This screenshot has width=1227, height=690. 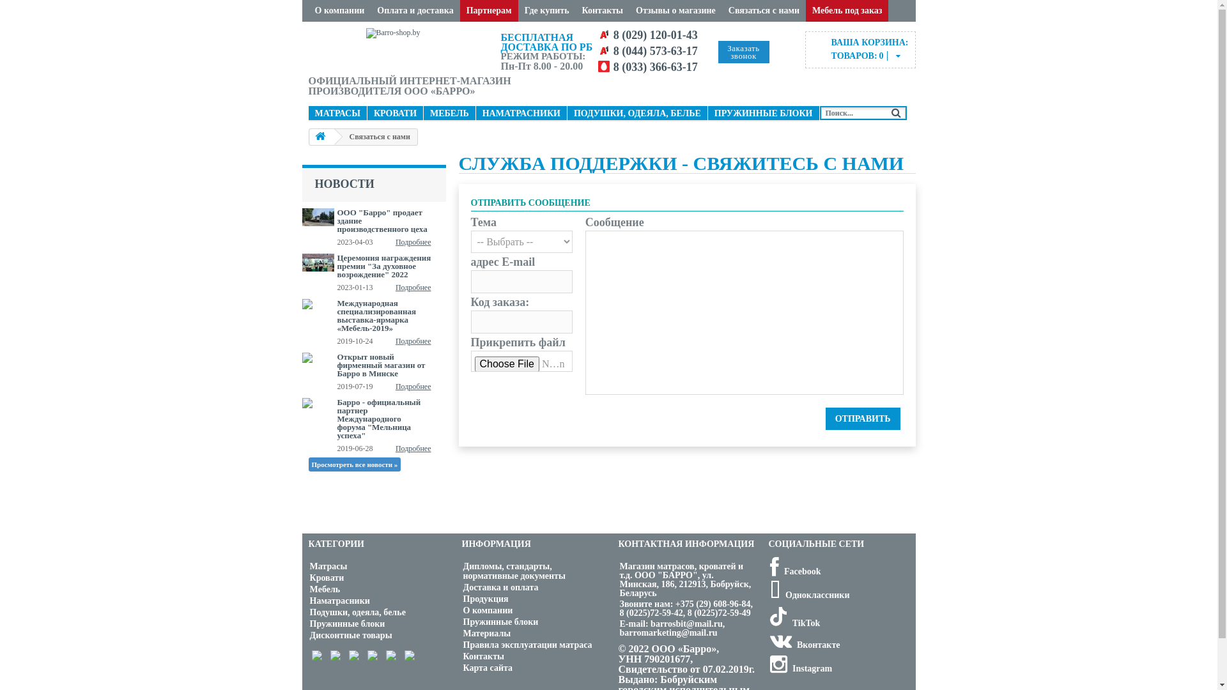 I want to click on '8 (033) 366-63-17', so click(x=613, y=66).